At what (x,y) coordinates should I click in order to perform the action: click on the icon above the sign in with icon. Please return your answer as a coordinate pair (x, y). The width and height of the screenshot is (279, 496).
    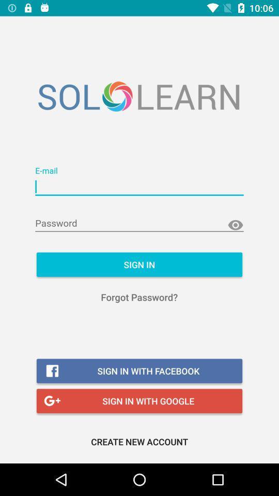
    Looking at the image, I should click on (139, 297).